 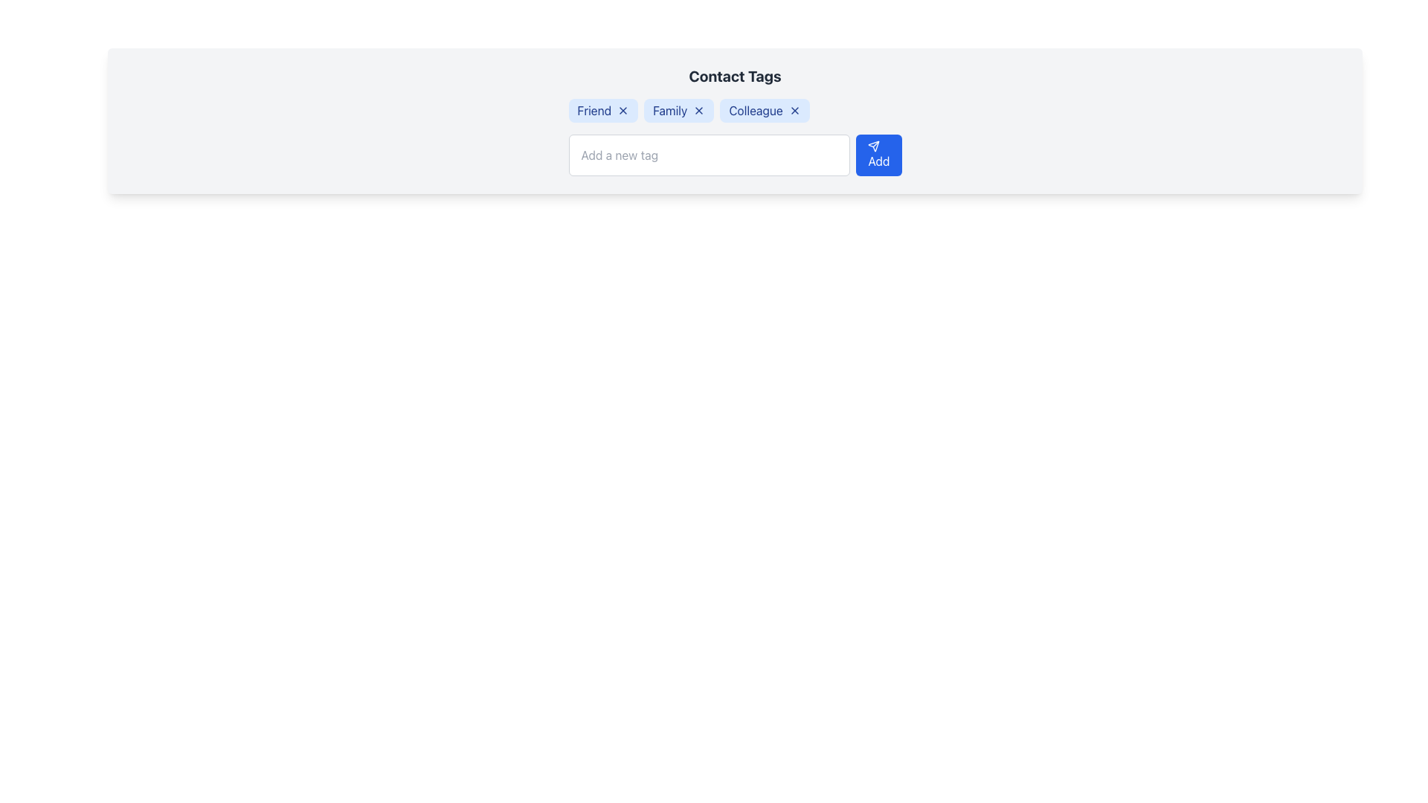 I want to click on the Close Button located on the far-right side of the 'Friend' tag, so click(x=623, y=110).